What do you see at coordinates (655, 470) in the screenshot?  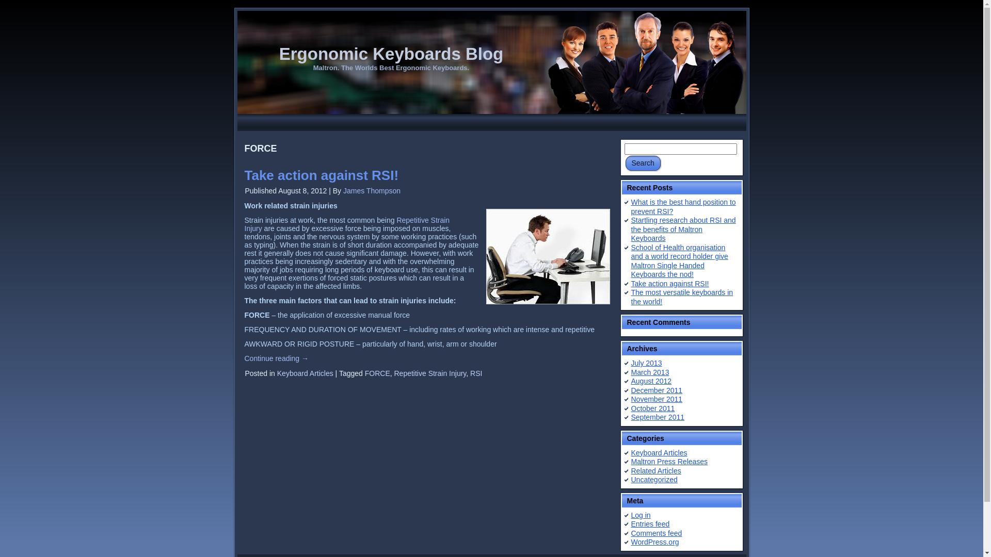 I see `'Related Articles'` at bounding box center [655, 470].